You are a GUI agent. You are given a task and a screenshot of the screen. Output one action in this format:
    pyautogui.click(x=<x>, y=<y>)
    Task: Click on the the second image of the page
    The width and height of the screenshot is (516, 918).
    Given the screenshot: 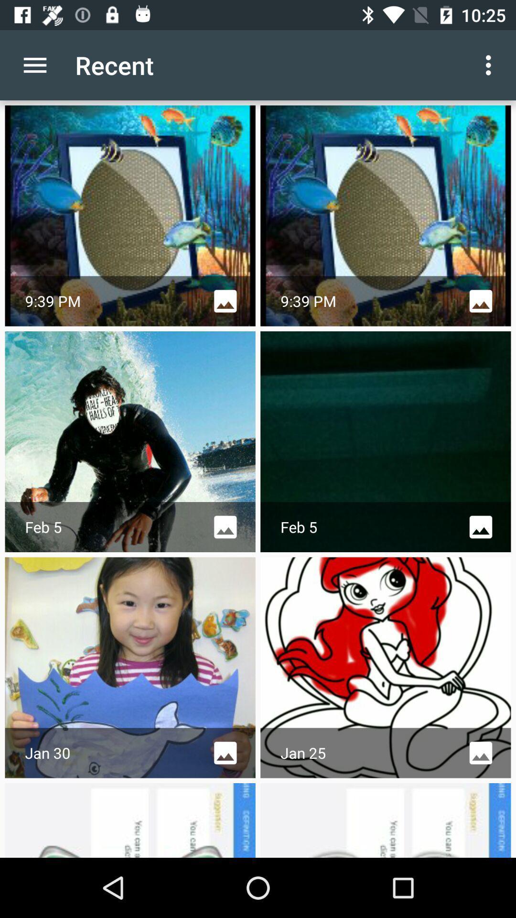 What is the action you would take?
    pyautogui.click(x=385, y=215)
    